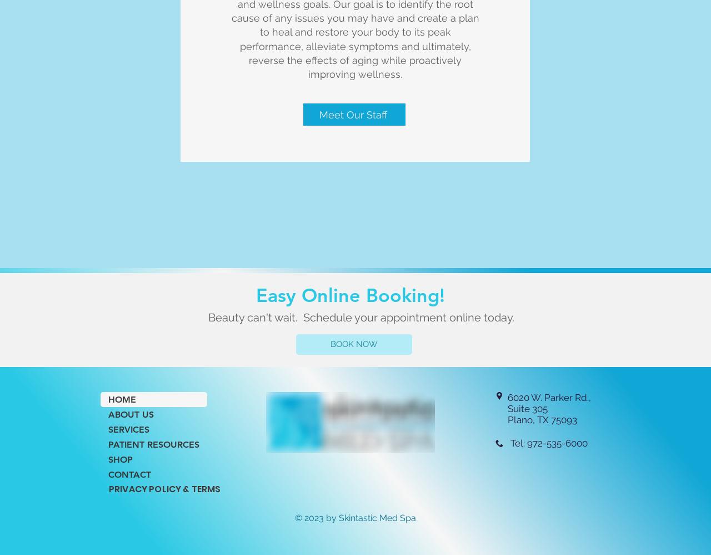  What do you see at coordinates (164, 488) in the screenshot?
I see `'PRIVACY POLICY & TERMS'` at bounding box center [164, 488].